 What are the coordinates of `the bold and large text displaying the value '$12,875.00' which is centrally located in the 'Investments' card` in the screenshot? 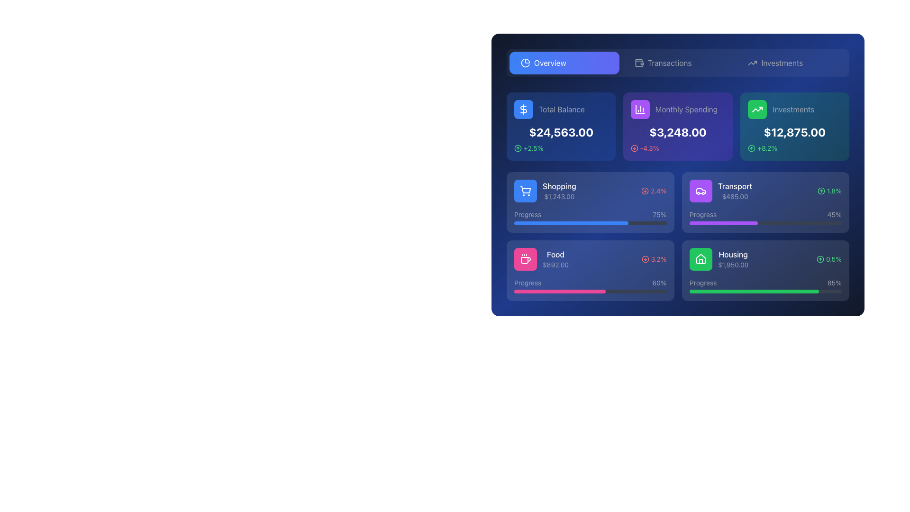 It's located at (794, 132).